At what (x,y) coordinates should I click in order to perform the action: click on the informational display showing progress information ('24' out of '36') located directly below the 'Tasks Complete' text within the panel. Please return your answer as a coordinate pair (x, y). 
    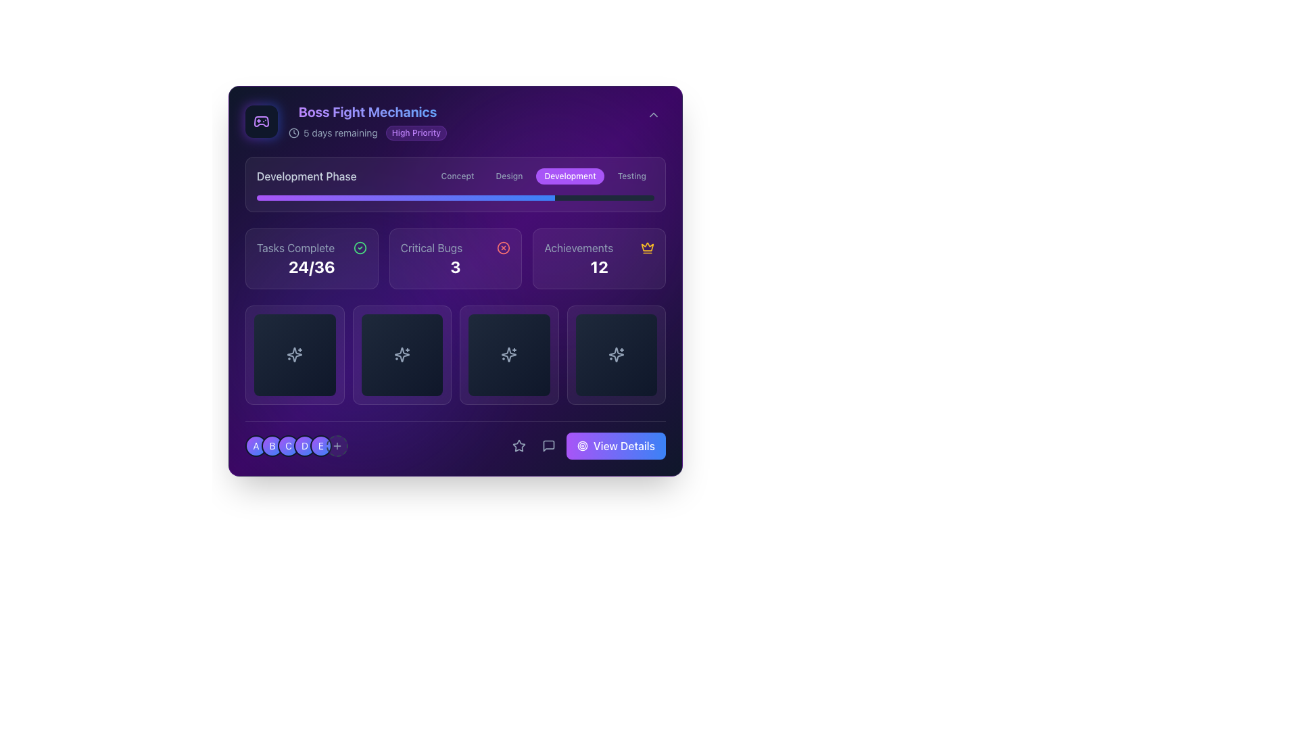
    Looking at the image, I should click on (311, 266).